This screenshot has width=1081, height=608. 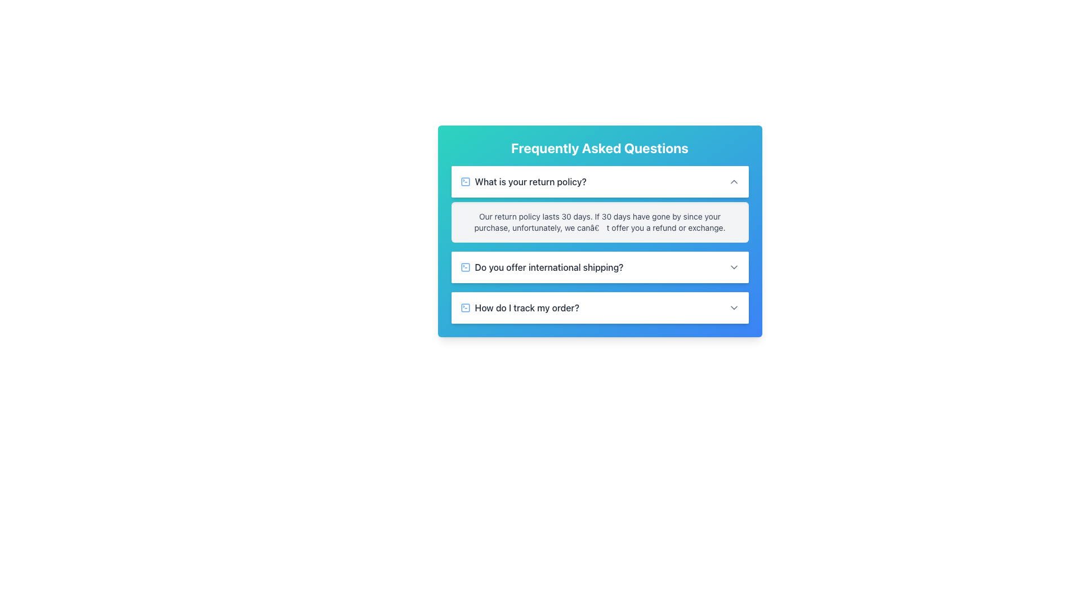 What do you see at coordinates (599, 204) in the screenshot?
I see `the first collapsible section under the 'Frequently Asked Questions' heading` at bounding box center [599, 204].